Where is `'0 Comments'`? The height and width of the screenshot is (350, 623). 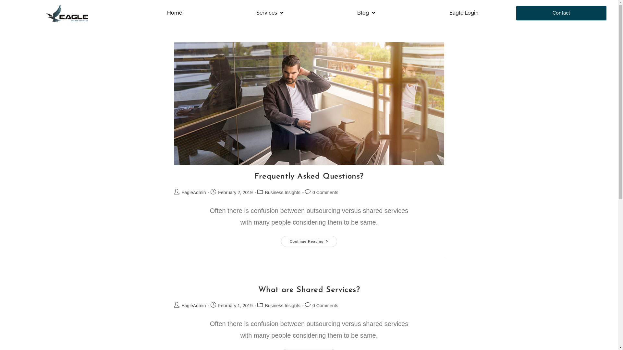
'0 Comments' is located at coordinates (325, 192).